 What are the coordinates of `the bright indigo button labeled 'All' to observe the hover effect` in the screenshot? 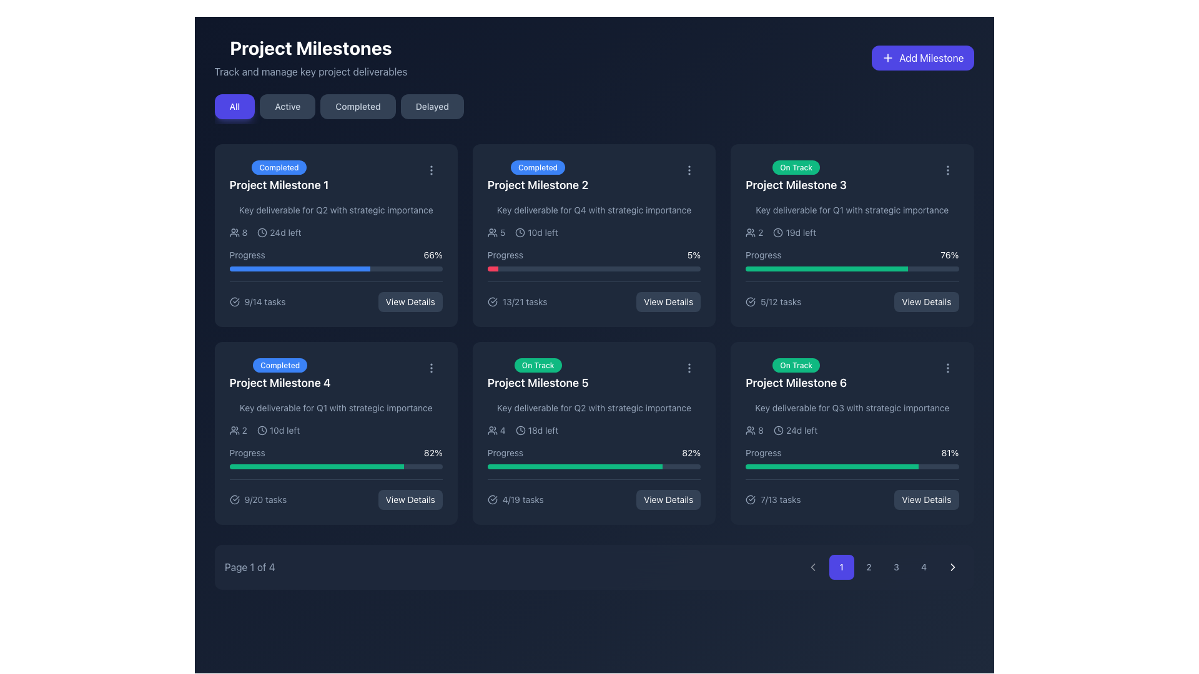 It's located at (234, 105).